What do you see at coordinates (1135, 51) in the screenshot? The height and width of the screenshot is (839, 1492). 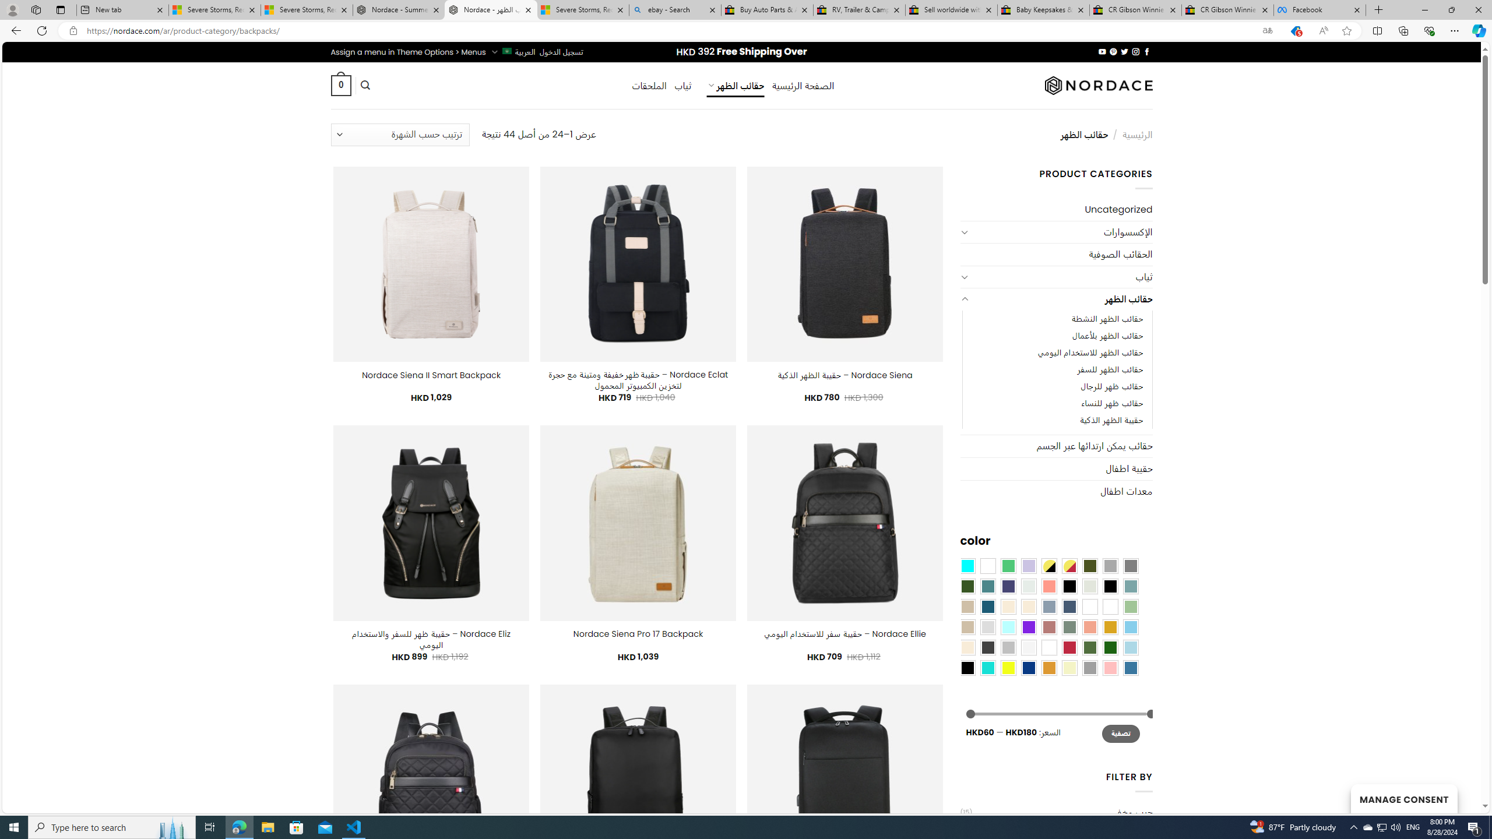 I see `'Follow on Instagram'` at bounding box center [1135, 51].